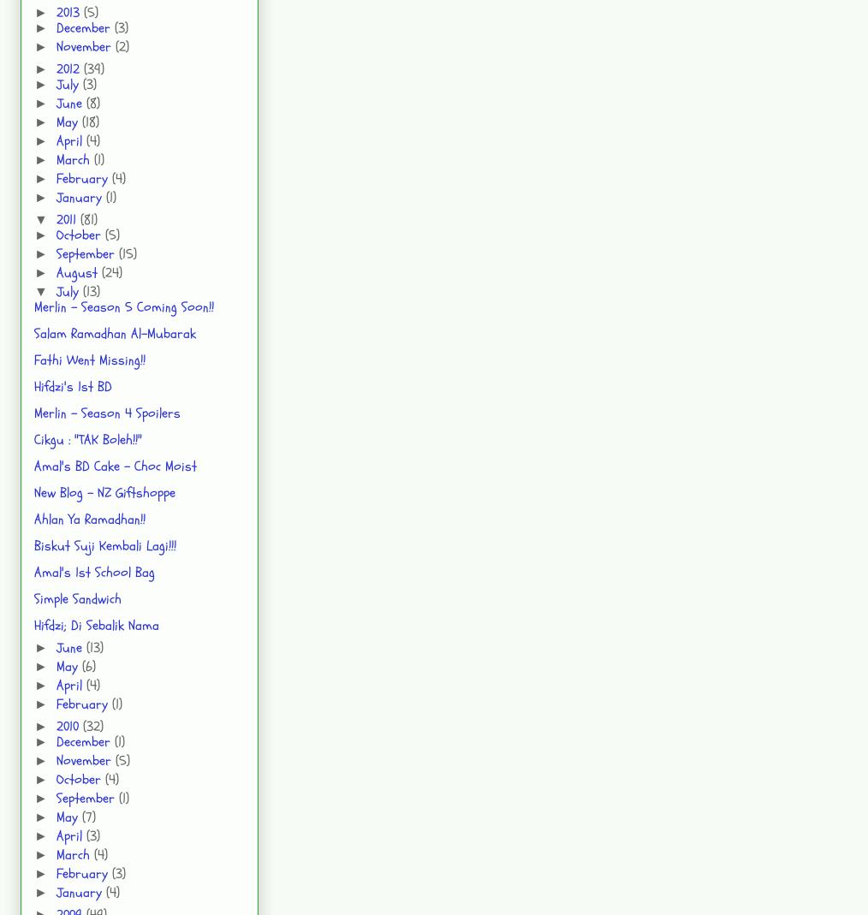 The image size is (868, 915). I want to click on 'Ahlan Ya Ramadhan!!', so click(90, 519).